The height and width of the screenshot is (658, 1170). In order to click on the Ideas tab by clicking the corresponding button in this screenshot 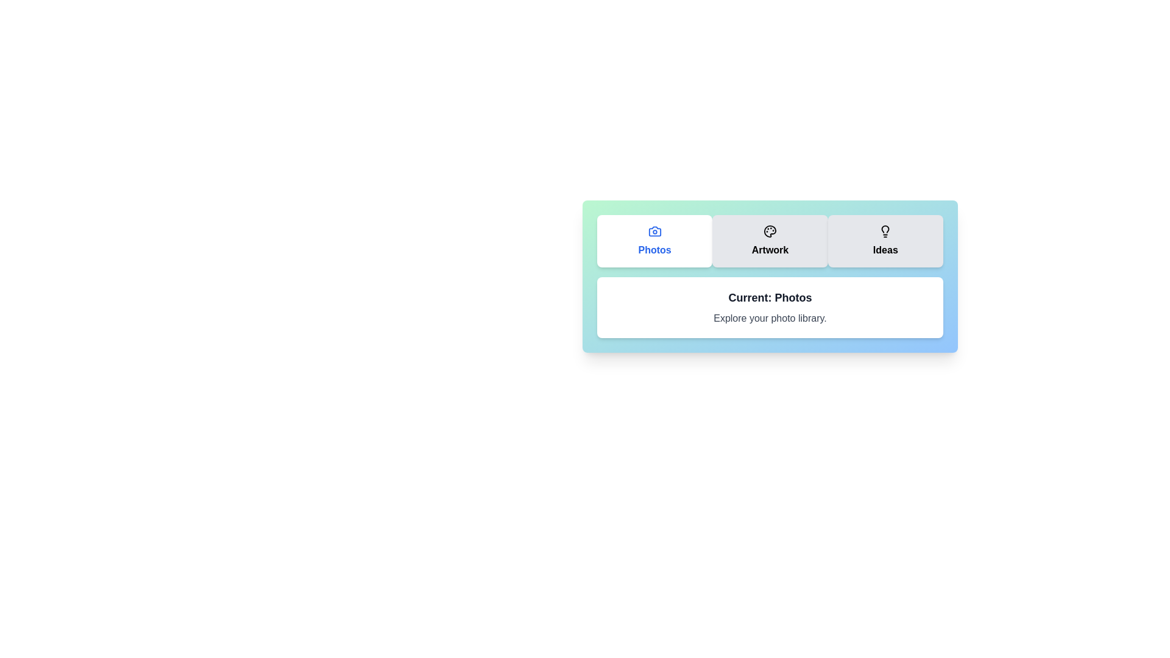, I will do `click(885, 241)`.